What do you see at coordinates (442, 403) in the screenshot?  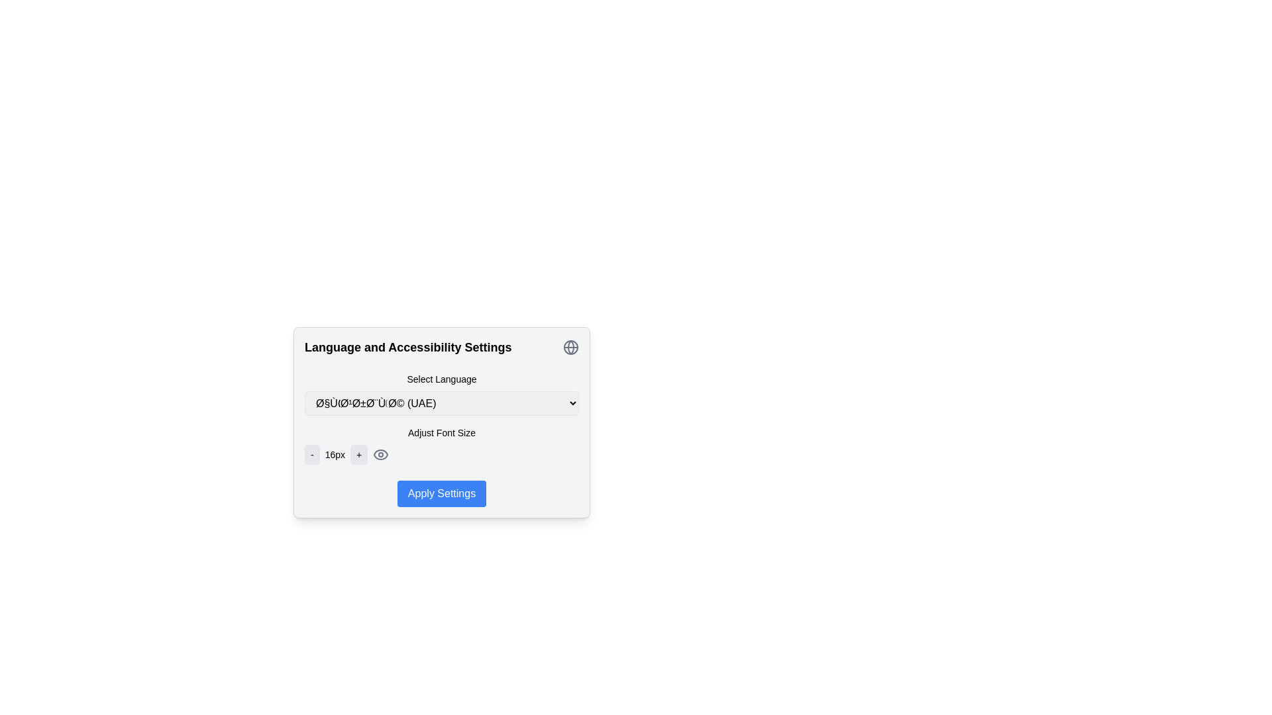 I see `the language selection dropdown menu located within the 'Language and Accessibility Settings' panel` at bounding box center [442, 403].